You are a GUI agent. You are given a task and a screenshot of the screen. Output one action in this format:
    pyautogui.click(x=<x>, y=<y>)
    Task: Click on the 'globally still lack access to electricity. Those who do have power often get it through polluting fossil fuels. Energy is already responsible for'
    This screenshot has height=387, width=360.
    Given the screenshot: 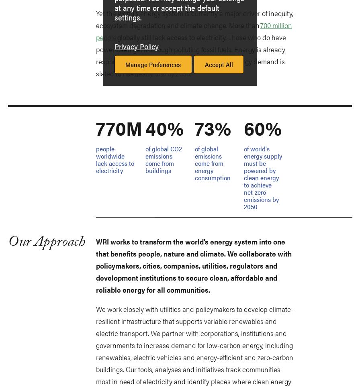 What is the action you would take?
    pyautogui.click(x=191, y=49)
    